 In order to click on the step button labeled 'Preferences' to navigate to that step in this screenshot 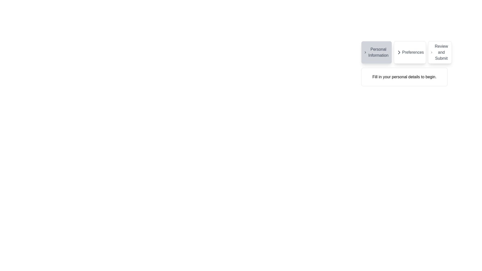, I will do `click(410, 52)`.